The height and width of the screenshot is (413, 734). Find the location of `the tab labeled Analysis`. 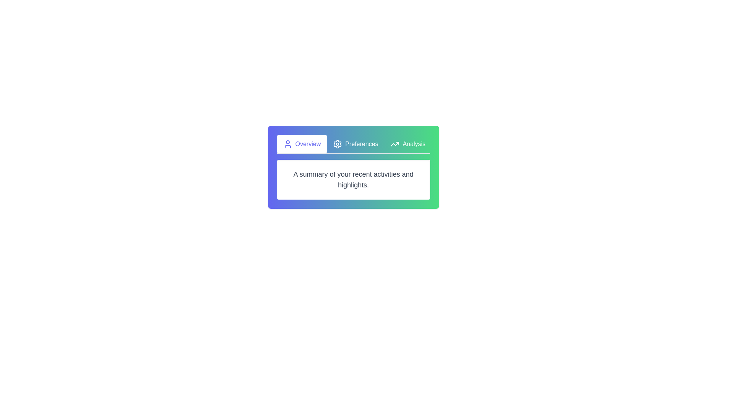

the tab labeled Analysis is located at coordinates (407, 144).